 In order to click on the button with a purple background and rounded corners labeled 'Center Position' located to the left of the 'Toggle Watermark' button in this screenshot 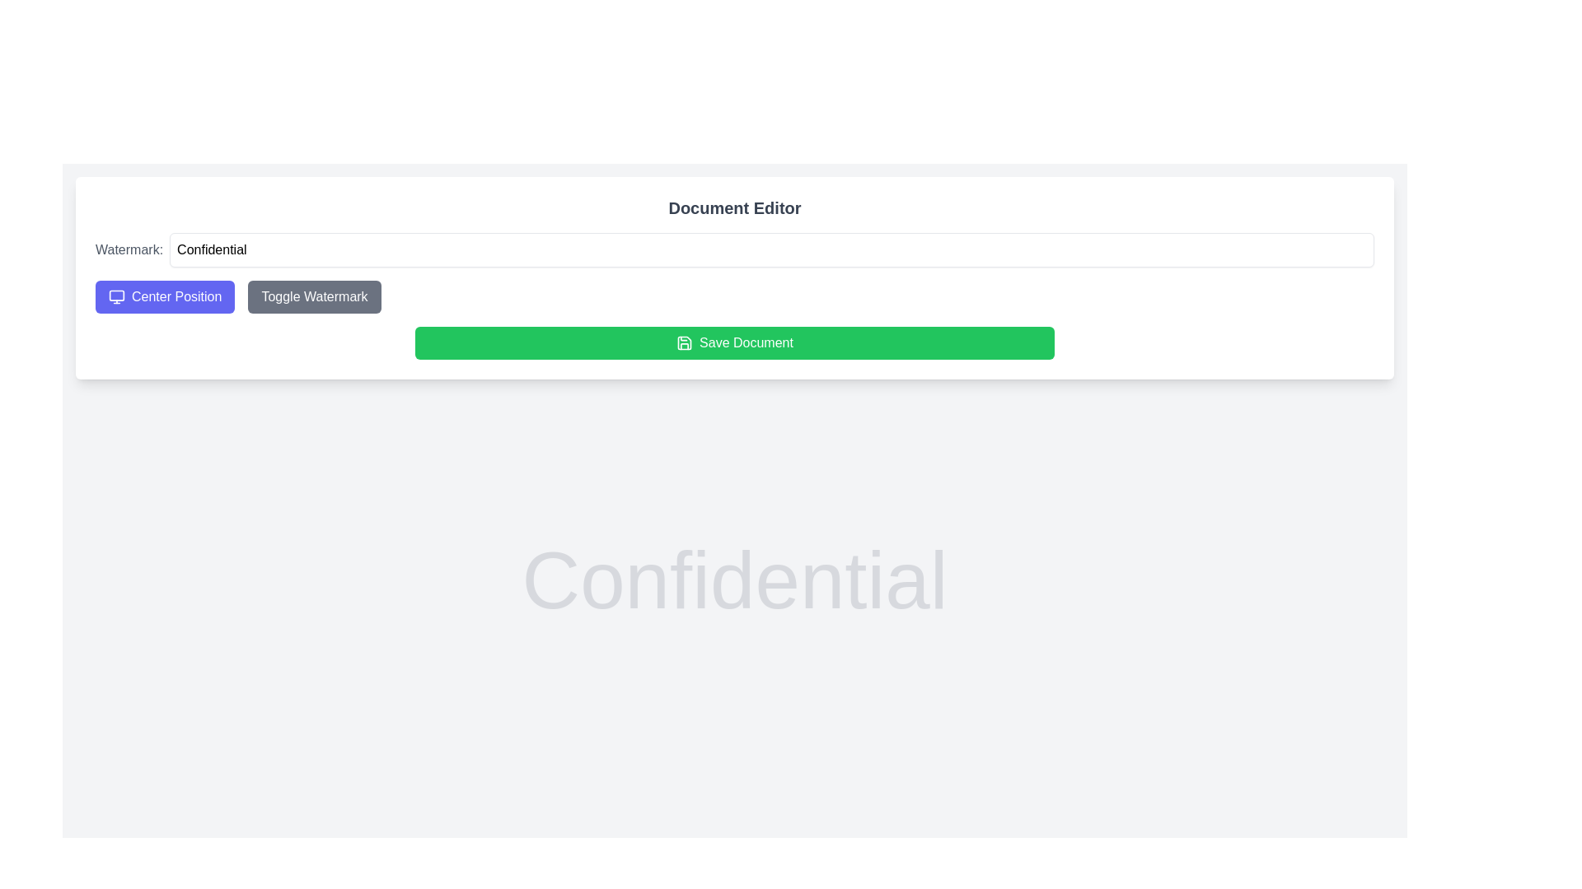, I will do `click(165, 297)`.